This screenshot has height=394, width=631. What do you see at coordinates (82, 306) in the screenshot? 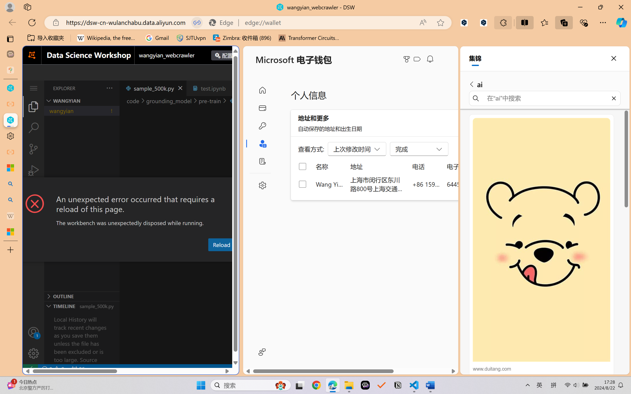
I see `'Timeline Section'` at bounding box center [82, 306].